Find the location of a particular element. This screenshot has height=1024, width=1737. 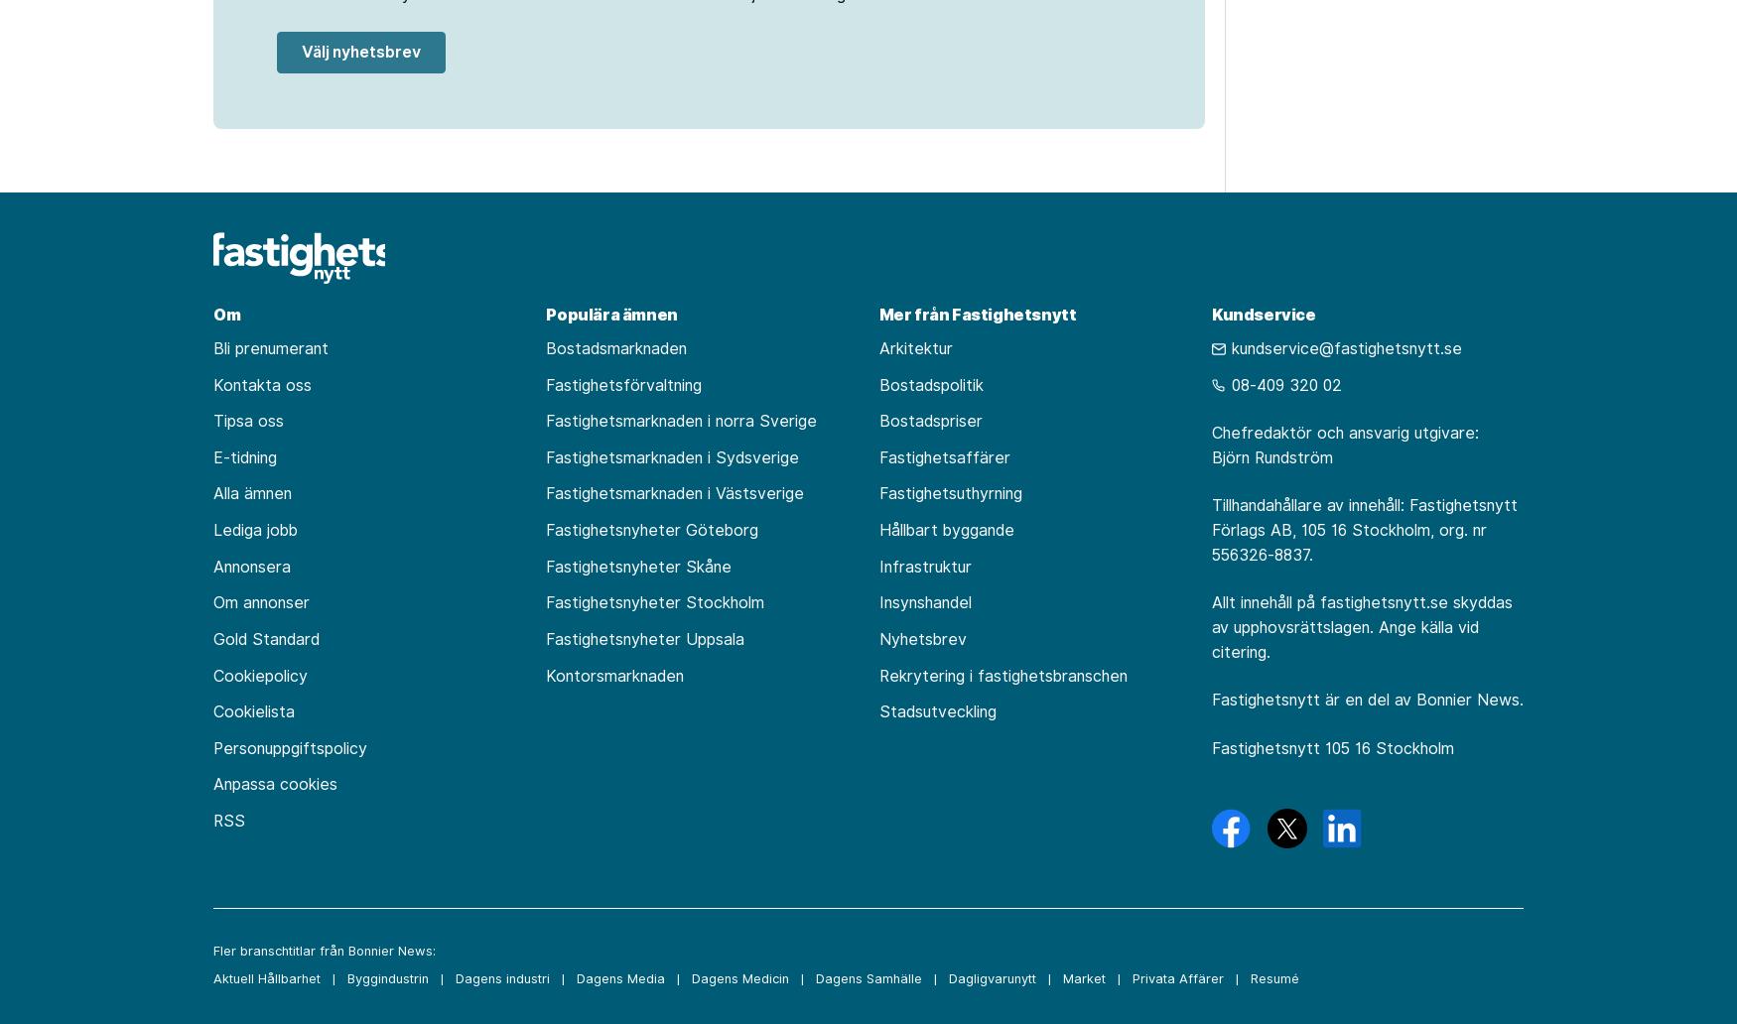

'Mer från' is located at coordinates (914, 313).